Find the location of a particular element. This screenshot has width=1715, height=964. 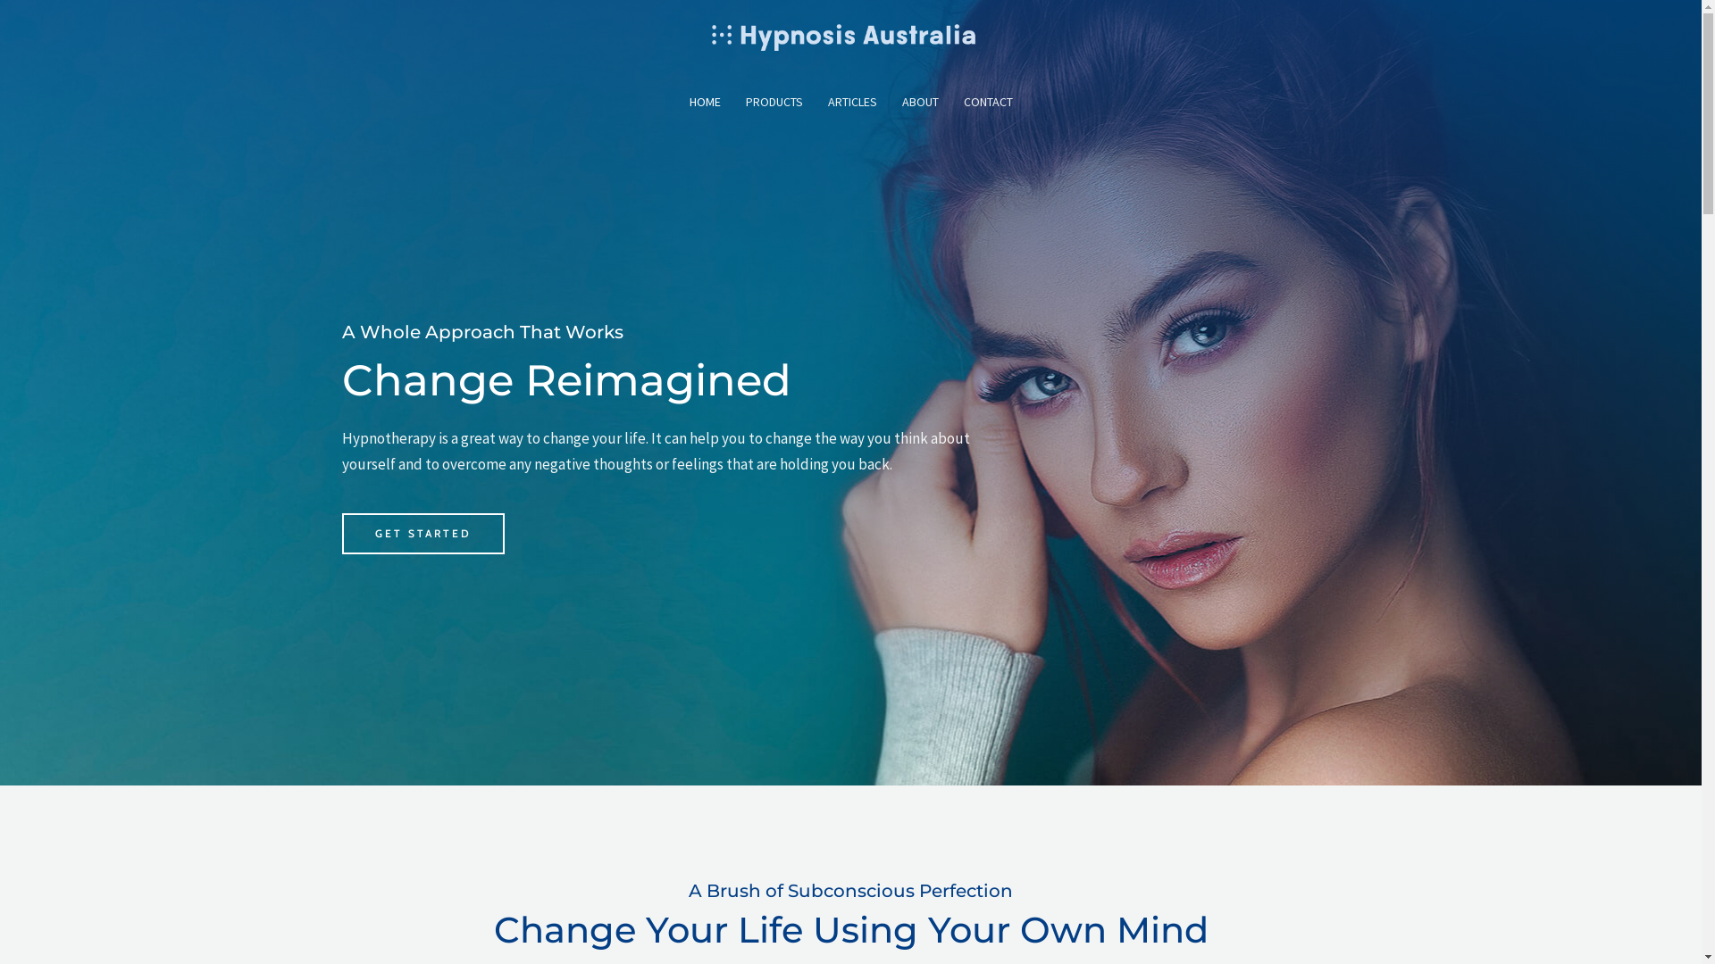

'ARTICLES' is located at coordinates (850, 102).